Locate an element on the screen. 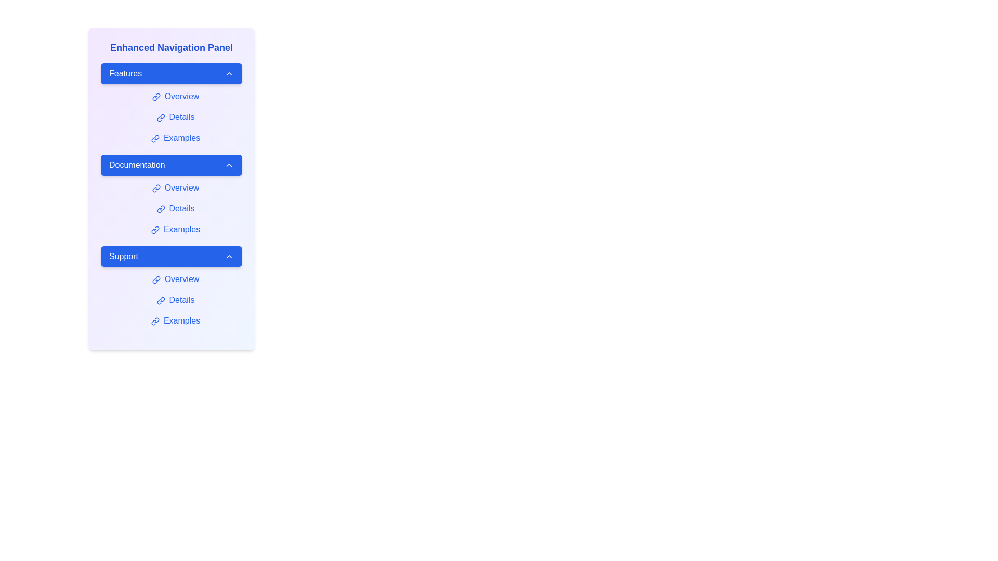 The height and width of the screenshot is (561, 998). the small upward-pointing chevron icon located to the right edge of the 'Support' button is located at coordinates (229, 256).